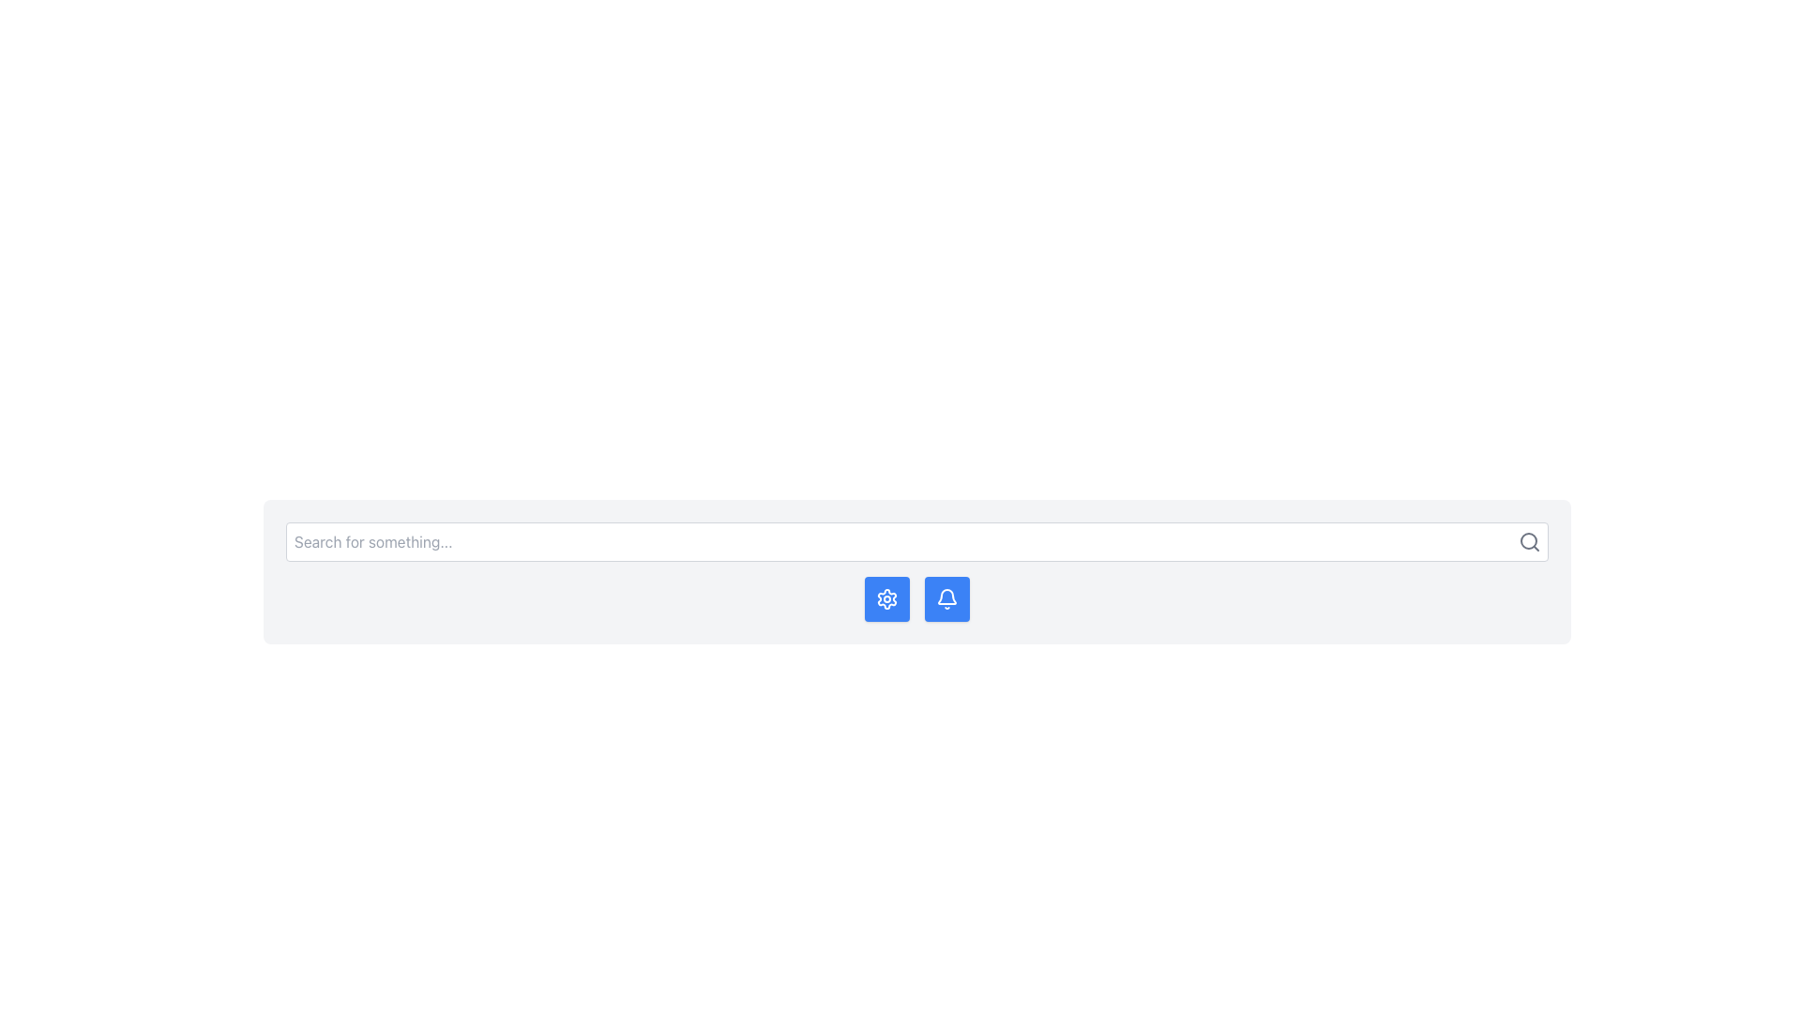 The image size is (1801, 1013). Describe the element at coordinates (1530, 542) in the screenshot. I see `the magnifying glass icon located at the far right of the search bar` at that location.